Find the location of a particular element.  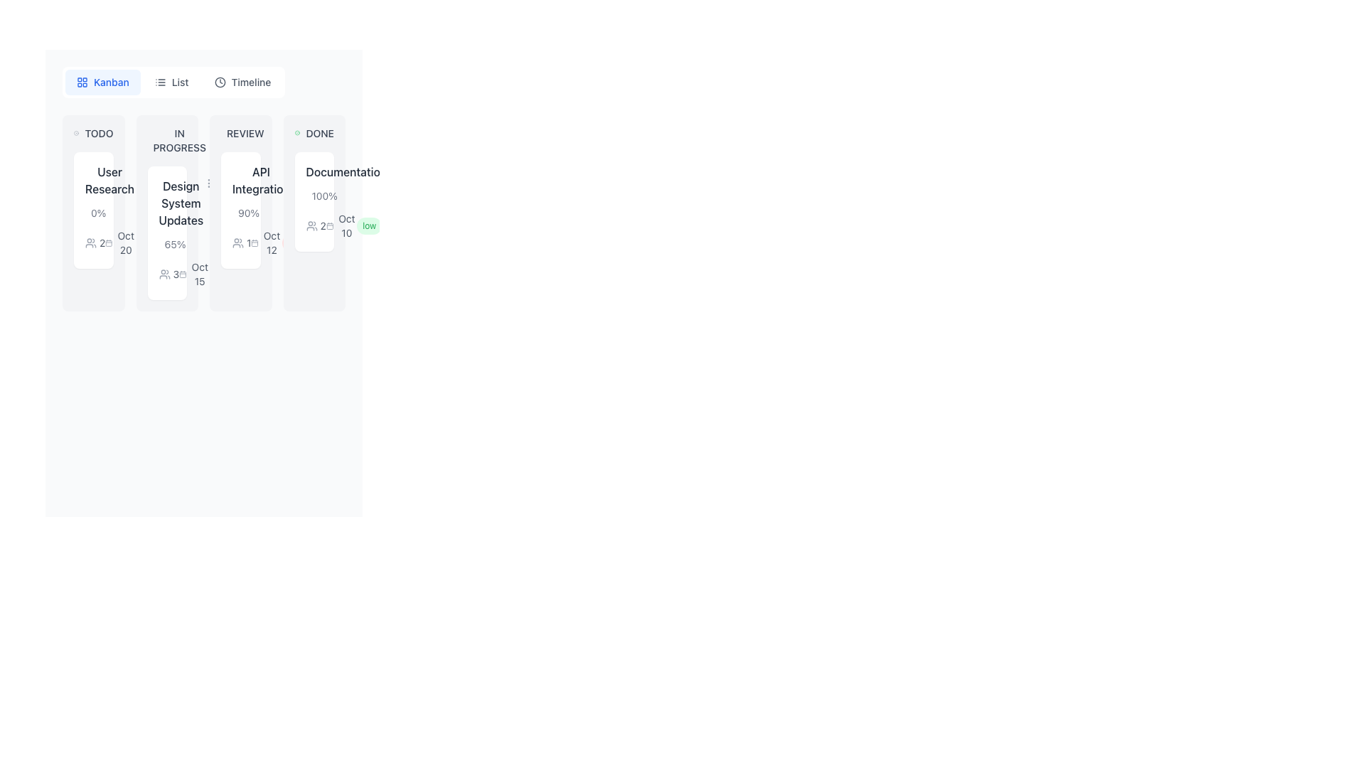

the icon resembling a group of people in the first card under the 'TODO' section of the Kanban board, which is adjacent to the text '2' is located at coordinates (90, 242).